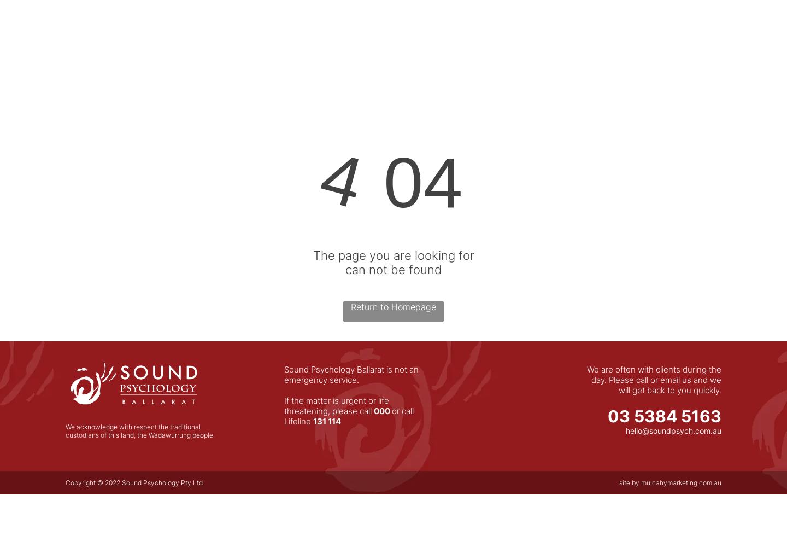  I want to click on 'Counselling', so click(499, 44).